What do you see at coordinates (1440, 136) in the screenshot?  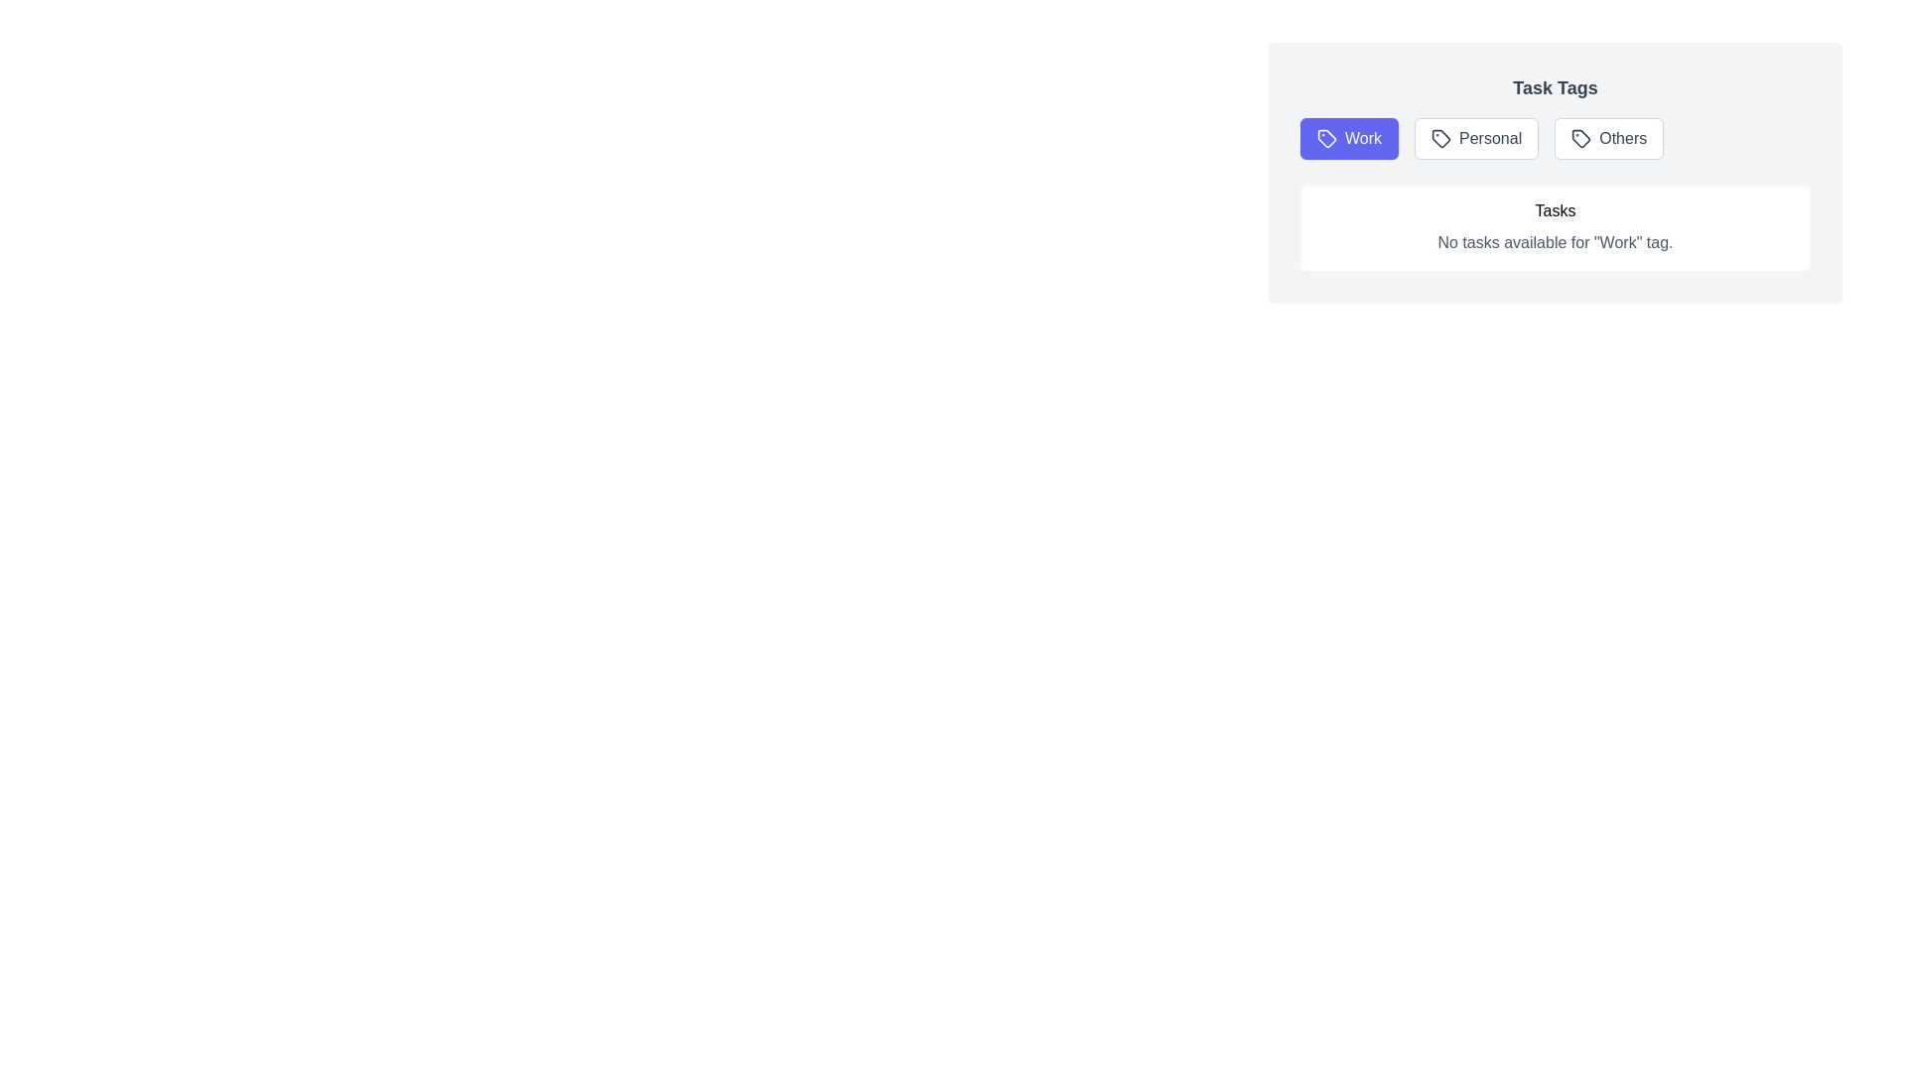 I see `the icon representing the 'Personal' tag` at bounding box center [1440, 136].